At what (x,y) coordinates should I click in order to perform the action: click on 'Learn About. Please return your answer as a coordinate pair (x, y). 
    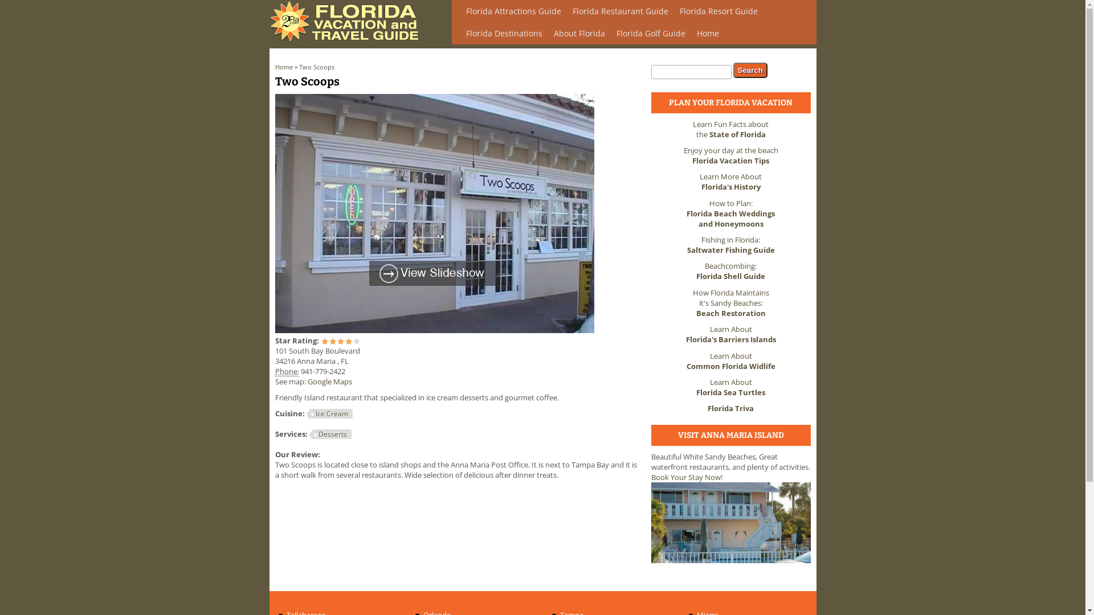
    Looking at the image, I should click on (730, 333).